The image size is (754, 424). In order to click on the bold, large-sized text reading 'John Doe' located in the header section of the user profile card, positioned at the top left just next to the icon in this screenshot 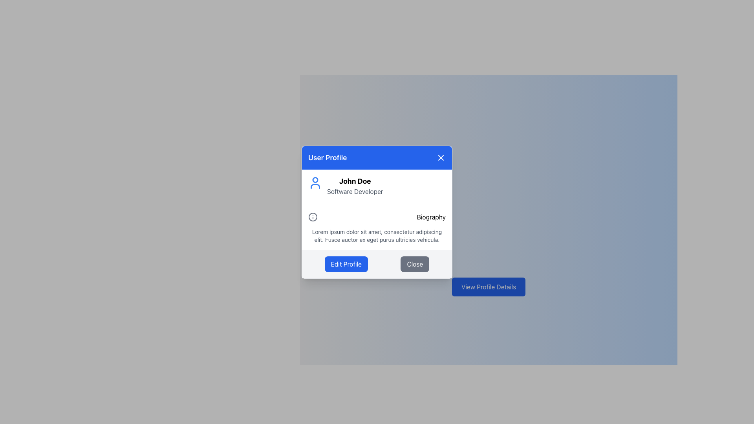, I will do `click(355, 181)`.